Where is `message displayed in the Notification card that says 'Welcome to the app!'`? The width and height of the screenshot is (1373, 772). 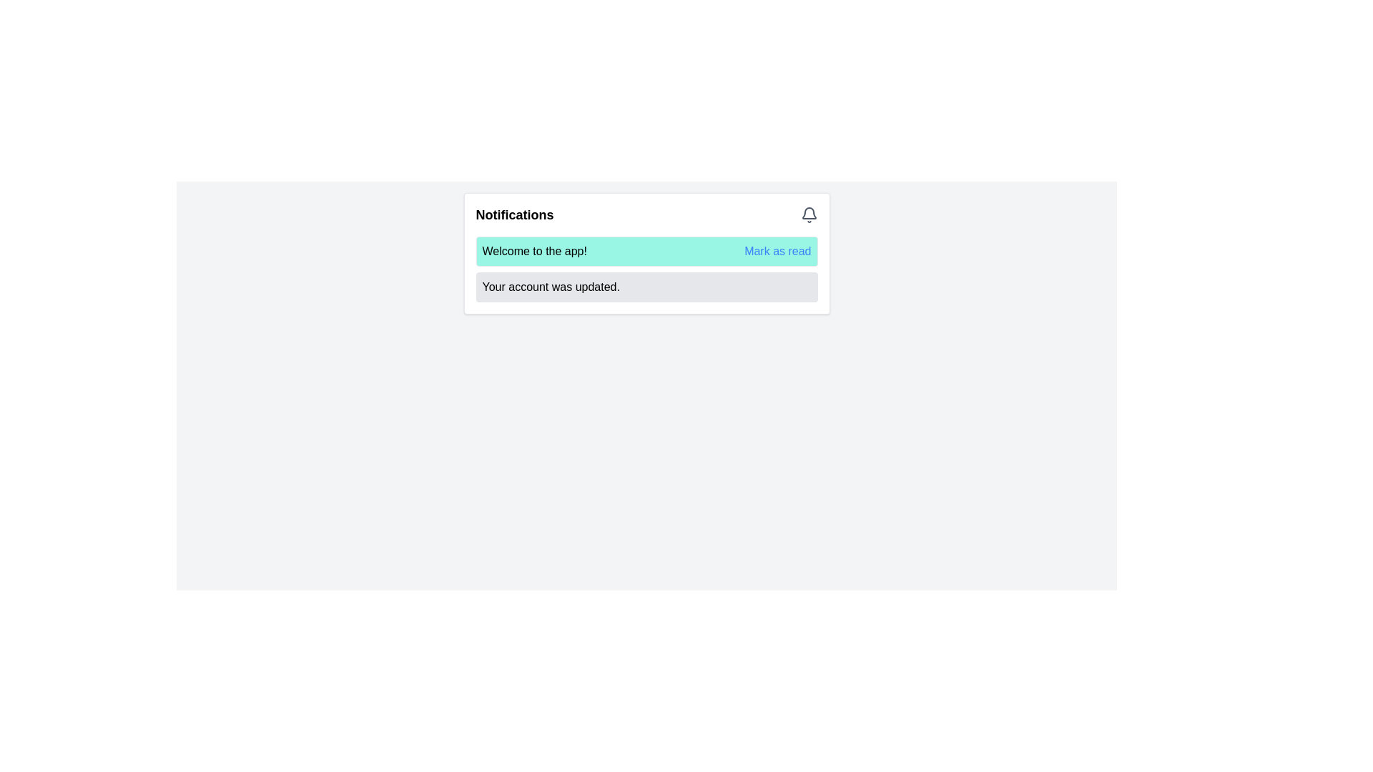 message displayed in the Notification card that says 'Welcome to the app!' is located at coordinates (646, 250).